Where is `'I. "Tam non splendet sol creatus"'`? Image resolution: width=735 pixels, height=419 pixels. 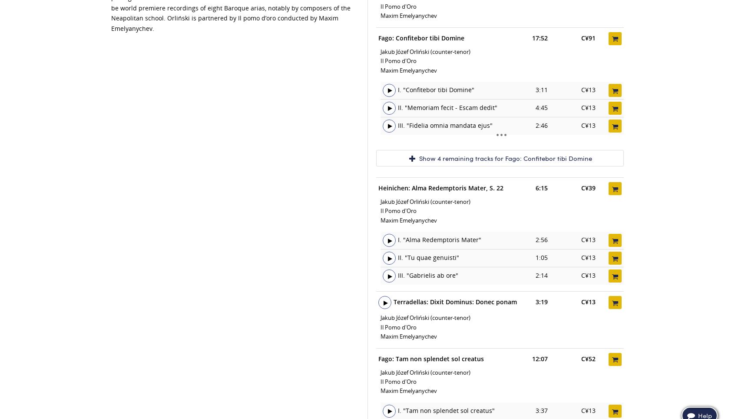
'I. "Tam non splendet sol creatus"' is located at coordinates (446, 410).